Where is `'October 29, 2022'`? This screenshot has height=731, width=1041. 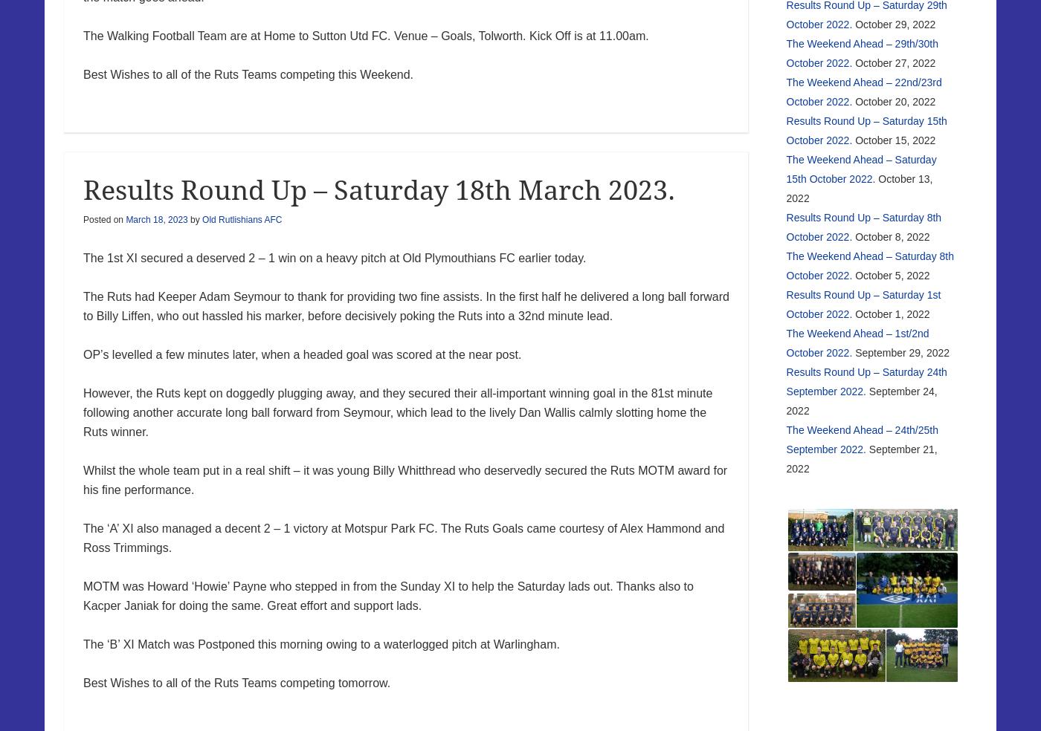 'October 29, 2022' is located at coordinates (895, 22).